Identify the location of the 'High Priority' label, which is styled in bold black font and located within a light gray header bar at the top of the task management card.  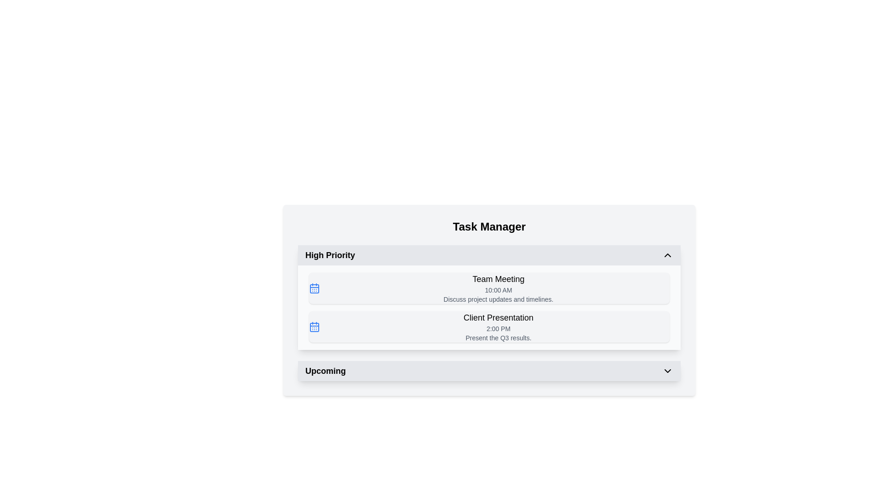
(330, 255).